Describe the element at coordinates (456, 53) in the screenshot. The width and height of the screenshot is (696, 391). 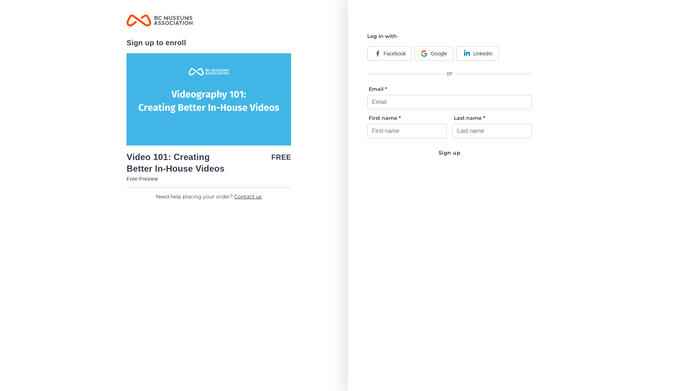
I see `'LinkedIn'` at that location.